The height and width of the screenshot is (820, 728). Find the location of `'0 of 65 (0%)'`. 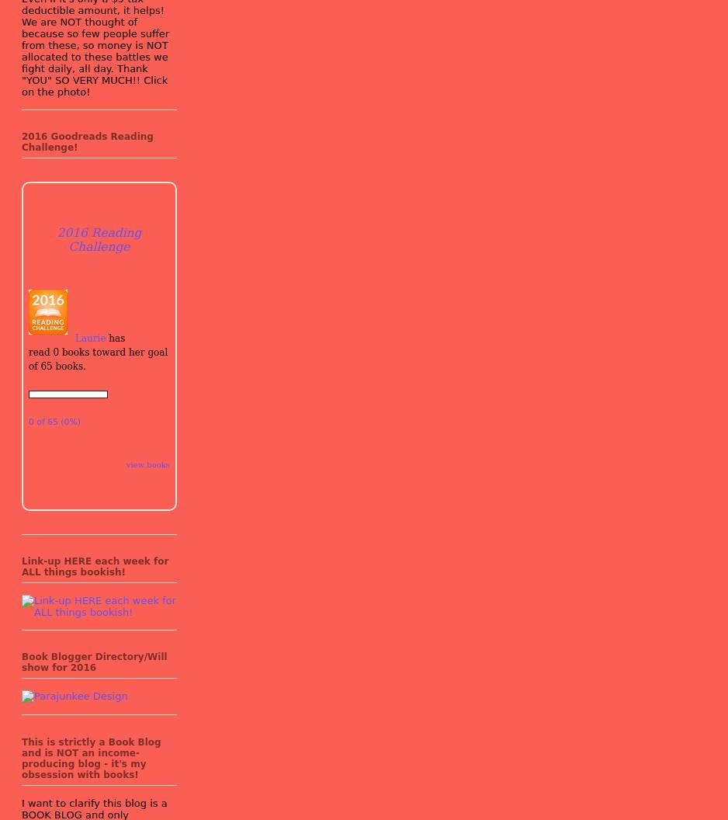

'0 of 65 (0%)' is located at coordinates (54, 422).